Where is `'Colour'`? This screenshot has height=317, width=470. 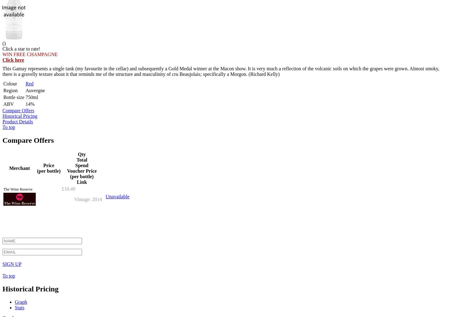
'Colour' is located at coordinates (10, 83).